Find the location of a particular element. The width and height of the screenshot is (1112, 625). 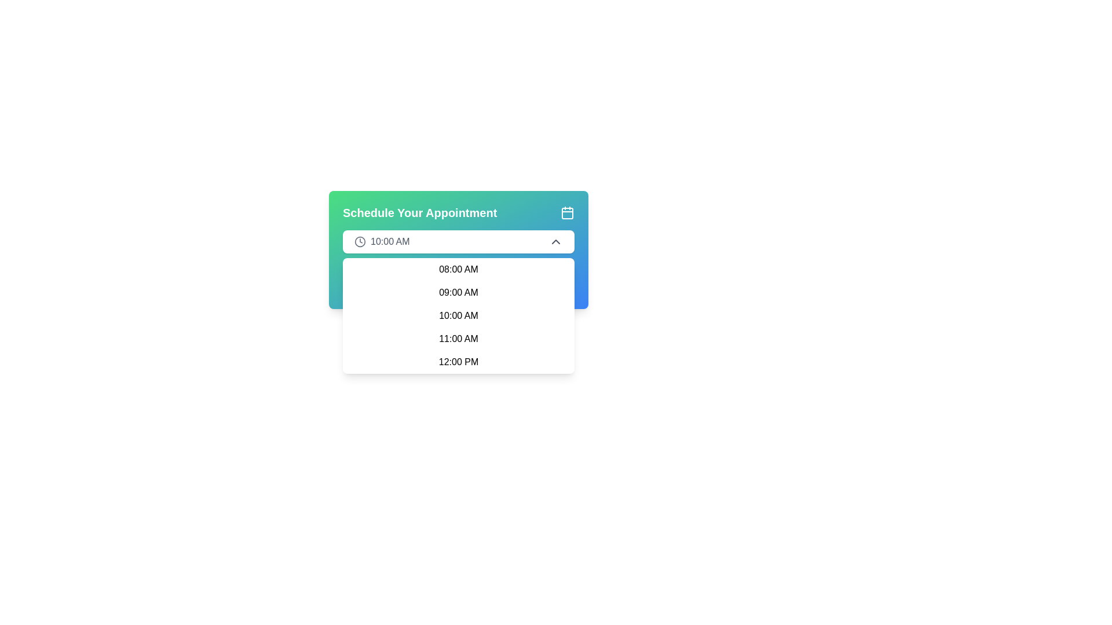

the Dropdown menu labeled 'Schedule Your Appointment' is located at coordinates (458, 249).